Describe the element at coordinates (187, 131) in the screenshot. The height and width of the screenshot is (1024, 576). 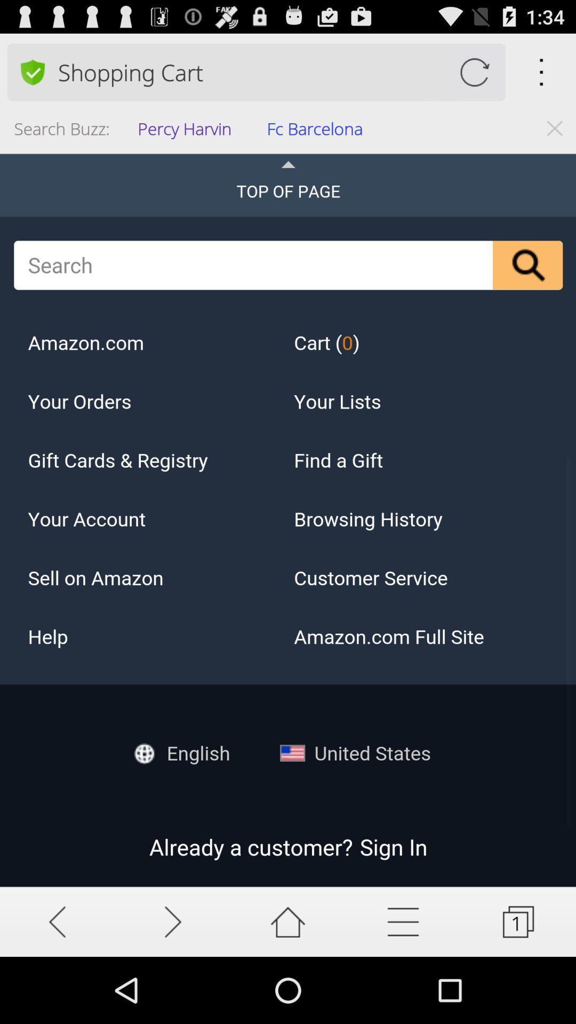
I see `the app to the right of the search buzz:` at that location.